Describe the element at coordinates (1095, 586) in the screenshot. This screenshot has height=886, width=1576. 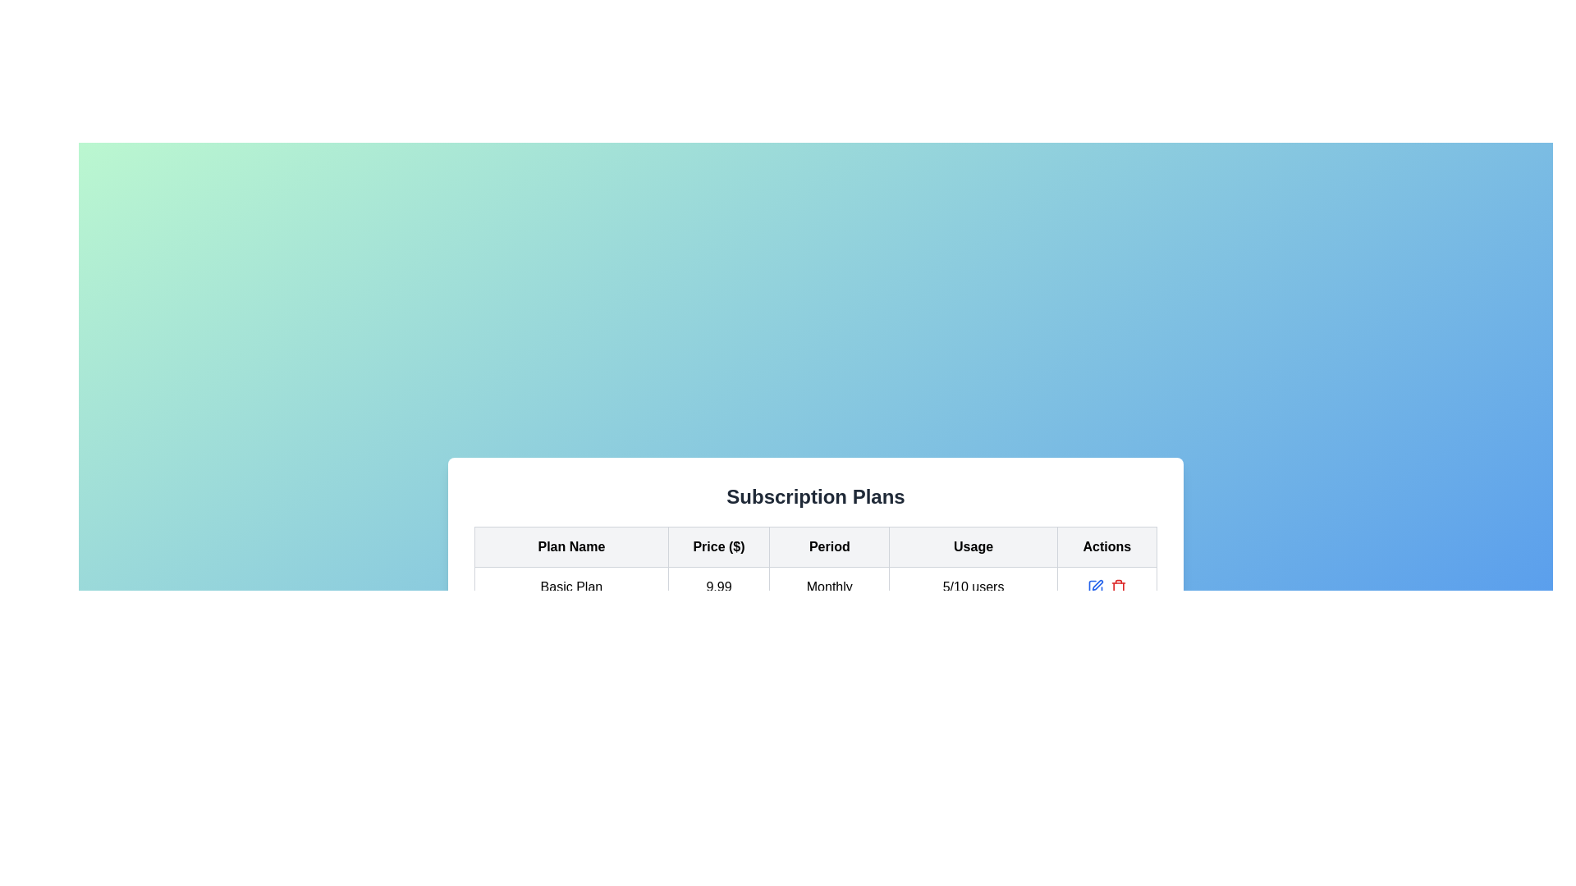
I see `the edit button in the 'Actions' column for the subscription plan` at that location.